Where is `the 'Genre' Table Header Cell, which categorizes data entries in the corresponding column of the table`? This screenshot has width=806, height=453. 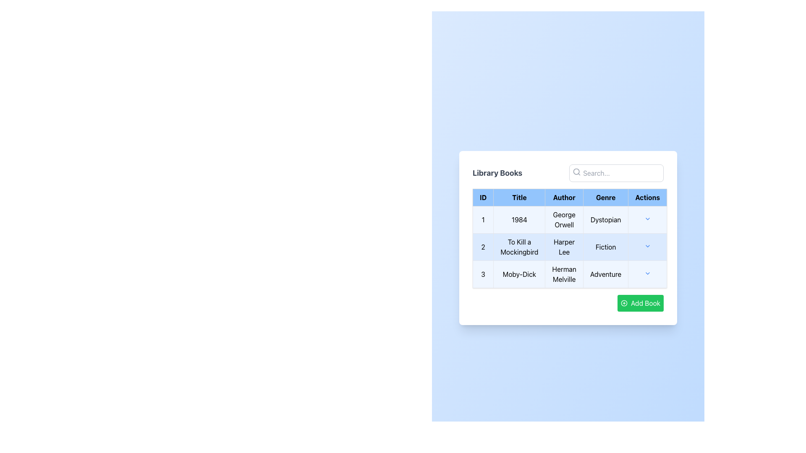
the 'Genre' Table Header Cell, which categorizes data entries in the corresponding column of the table is located at coordinates (606, 197).